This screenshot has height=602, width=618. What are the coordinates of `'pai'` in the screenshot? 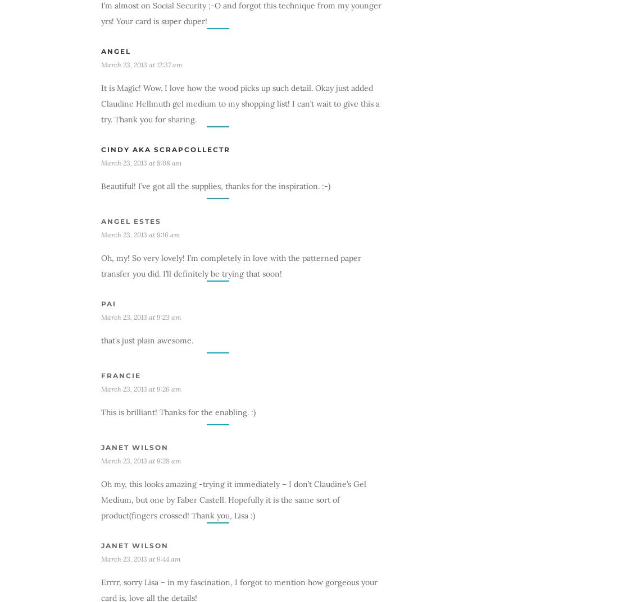 It's located at (100, 303).